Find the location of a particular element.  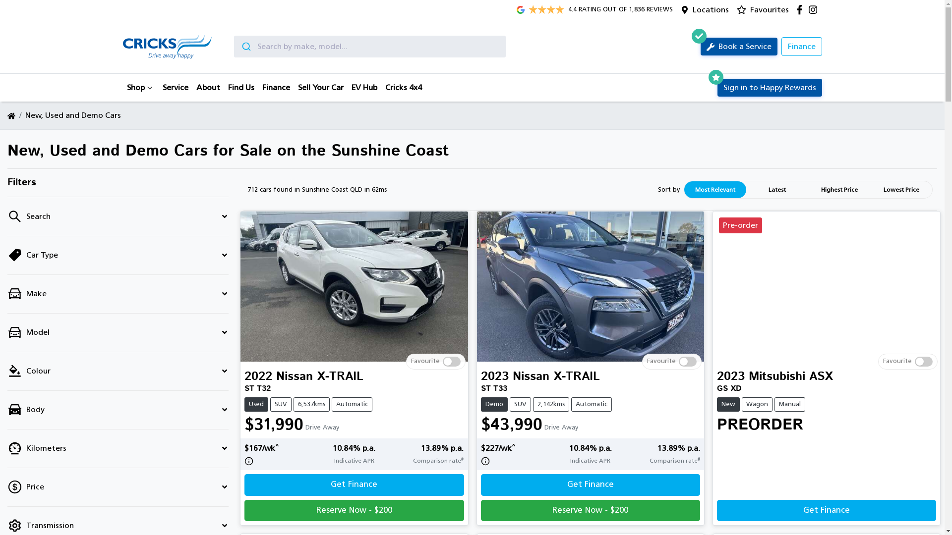

'Shop' is located at coordinates (140, 87).